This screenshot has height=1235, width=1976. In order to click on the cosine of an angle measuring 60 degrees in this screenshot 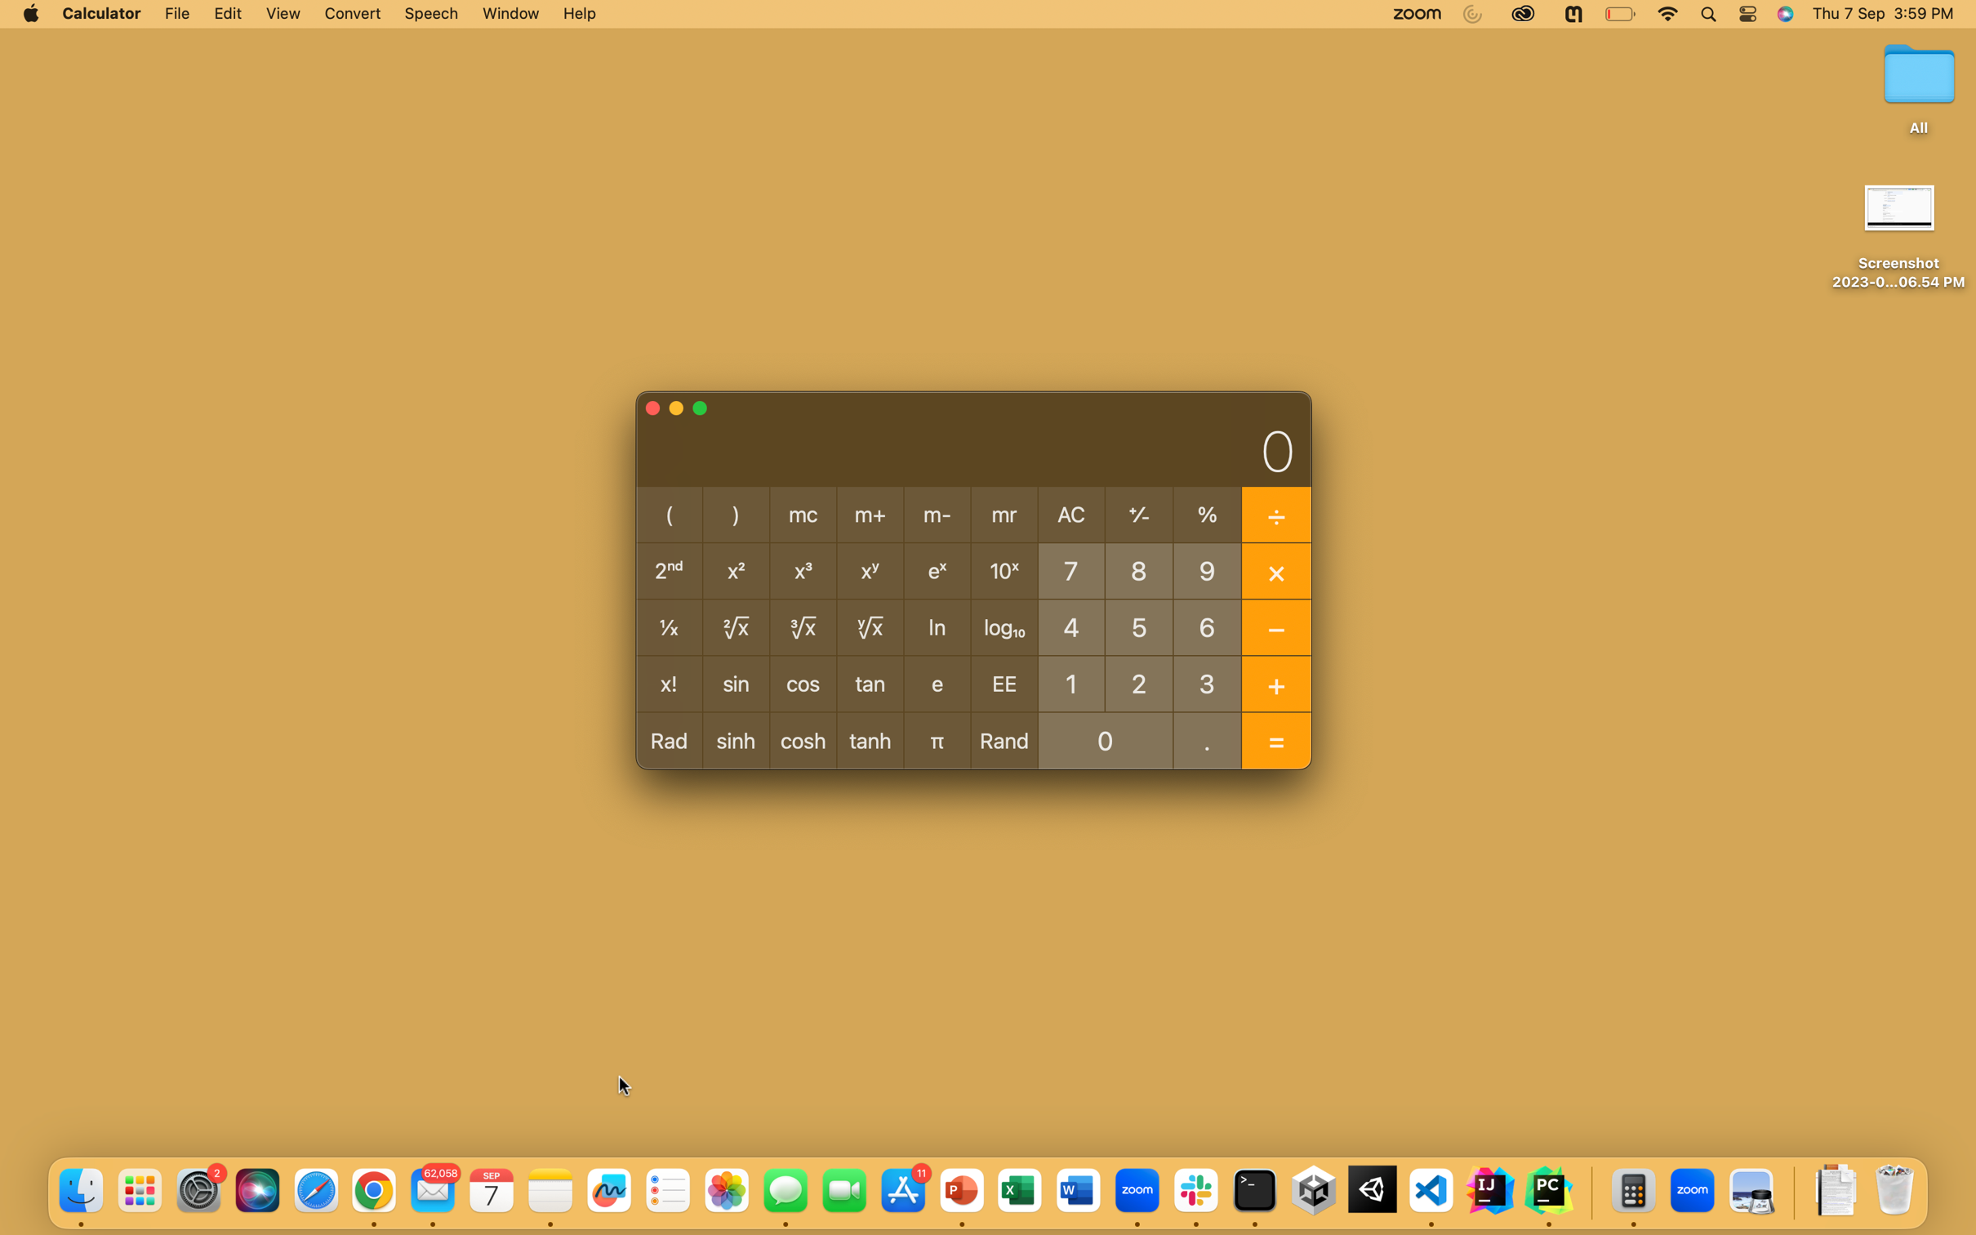, I will do `click(1206, 626)`.